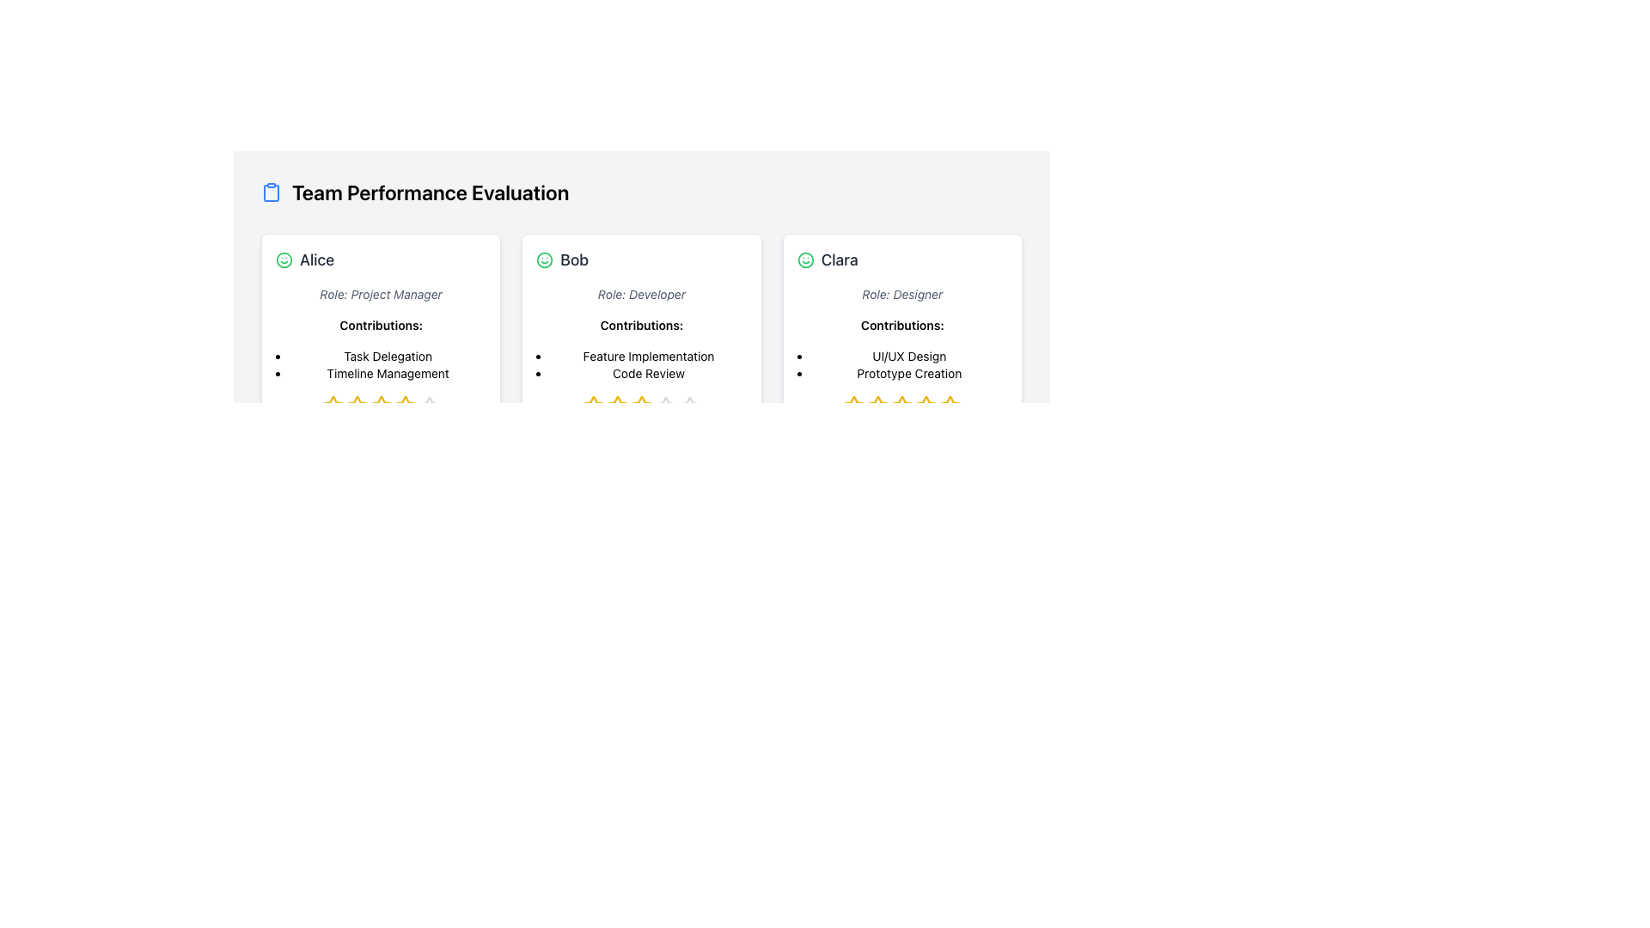  I want to click on the yellow star icon in the rating component for 'Alice' under 'Timeline Management' to rate it, so click(333, 406).